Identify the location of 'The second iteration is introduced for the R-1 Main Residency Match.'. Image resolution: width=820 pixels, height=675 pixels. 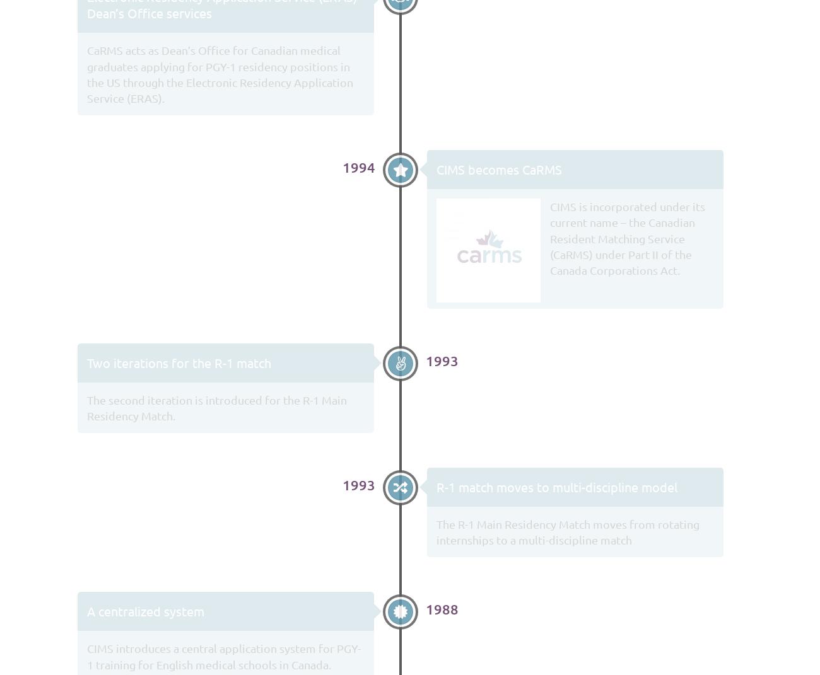
(216, 407).